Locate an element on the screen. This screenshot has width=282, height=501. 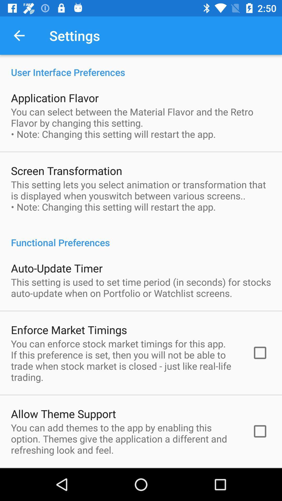
go back is located at coordinates (19, 35).